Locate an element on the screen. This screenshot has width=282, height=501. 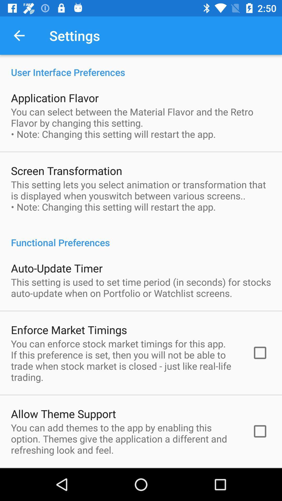
go back is located at coordinates (19, 35).